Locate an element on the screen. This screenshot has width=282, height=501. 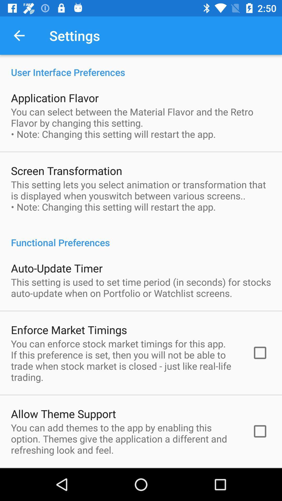
go back is located at coordinates (19, 35).